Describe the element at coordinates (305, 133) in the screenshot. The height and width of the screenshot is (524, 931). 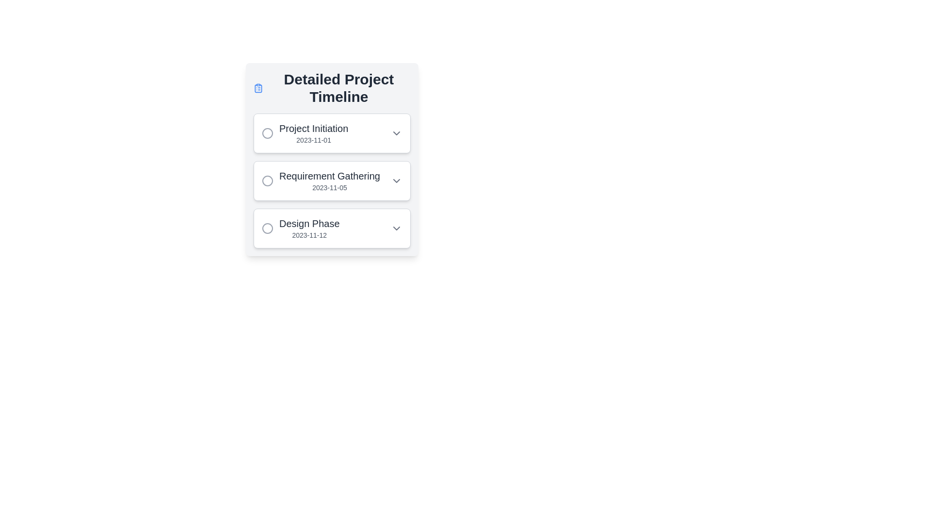
I see `the Text Display with Icon that shows the name and date of a phase in the project timeline, located at the top of the list in the 'Detailed Project Timeline' card` at that location.